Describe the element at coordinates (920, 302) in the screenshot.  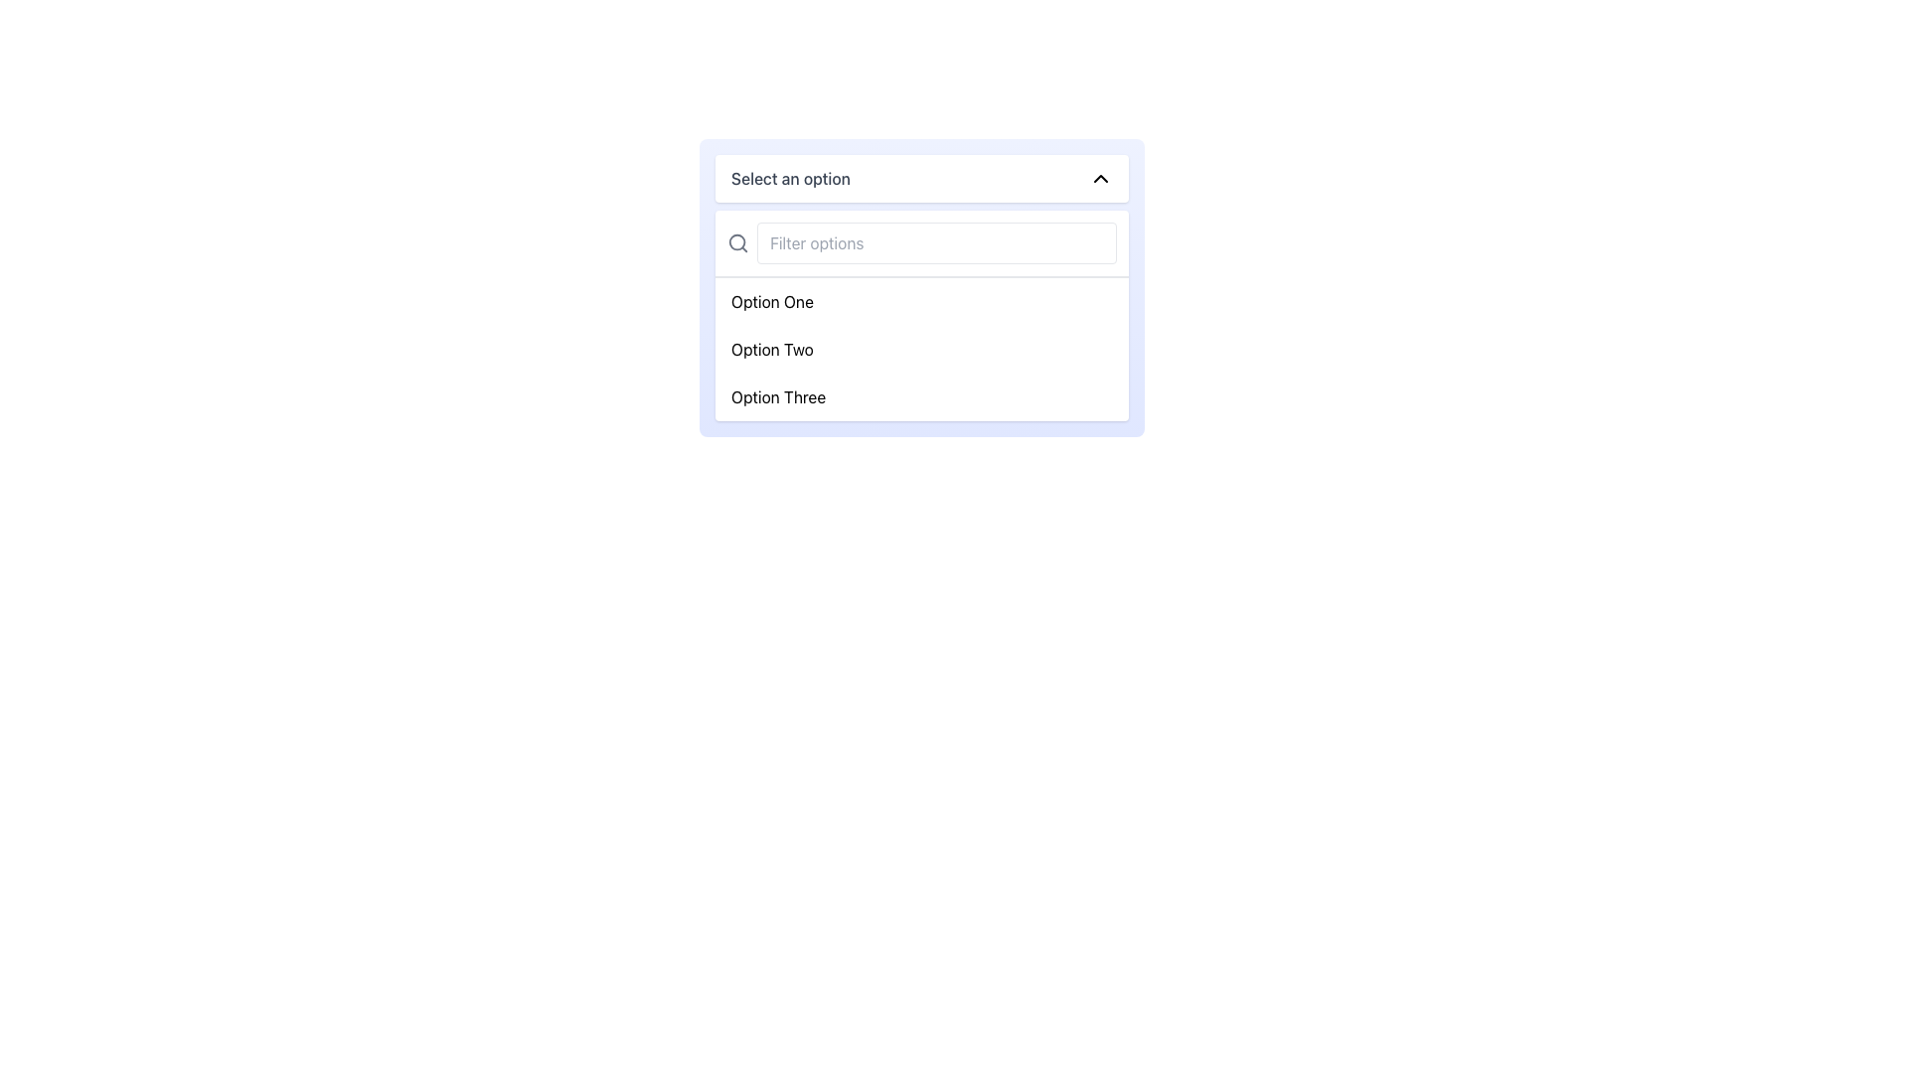
I see `the first item in the dropdown menu below the 'Filter options' text field and above 'Option Two' using arrow keys` at that location.